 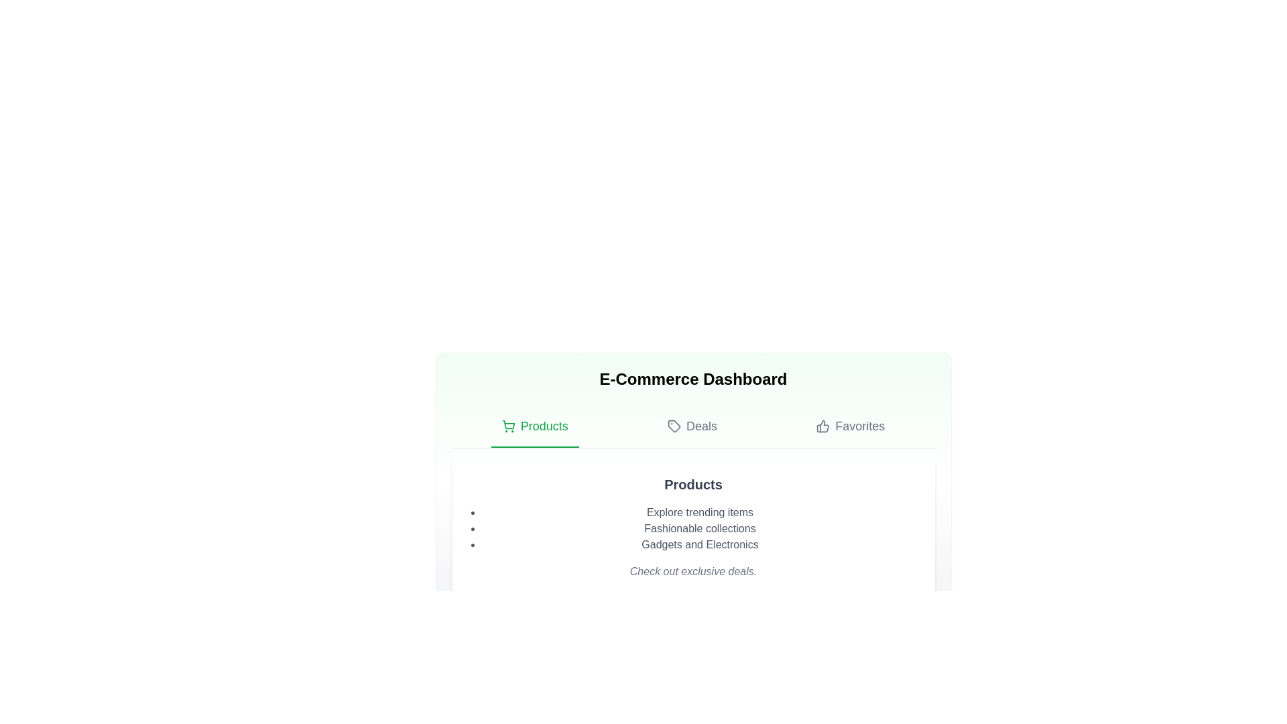 What do you see at coordinates (693, 526) in the screenshot?
I see `text content of the informational card showcasing trending products and promotional deals located in the lower part of the E-Commerce Dashboard section` at bounding box center [693, 526].